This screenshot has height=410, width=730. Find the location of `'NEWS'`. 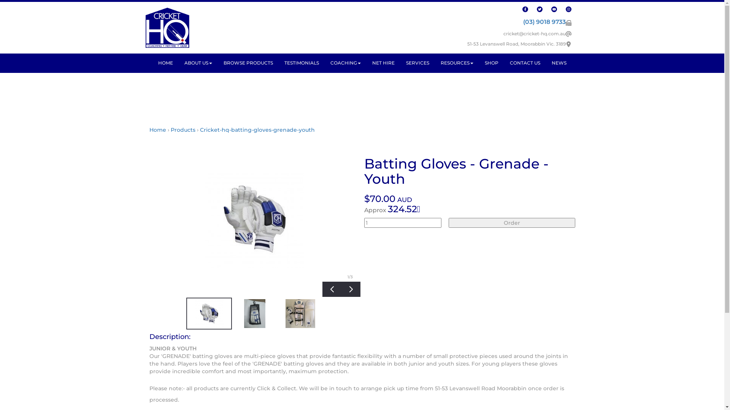

'NEWS' is located at coordinates (559, 62).